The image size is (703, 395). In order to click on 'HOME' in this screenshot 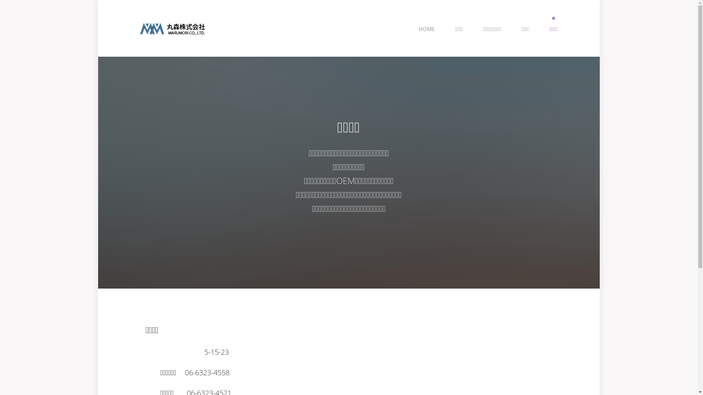, I will do `click(418, 29)`.